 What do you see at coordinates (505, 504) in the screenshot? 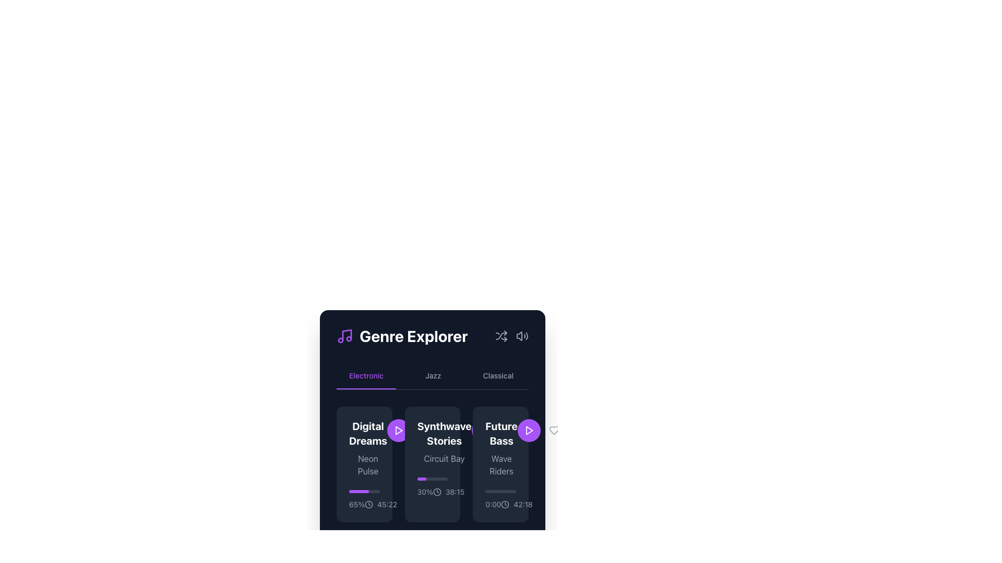
I see `the decorative SVG circle element located within the clock icon at the top-right corner of the 'Genre Explorer' section` at bounding box center [505, 504].